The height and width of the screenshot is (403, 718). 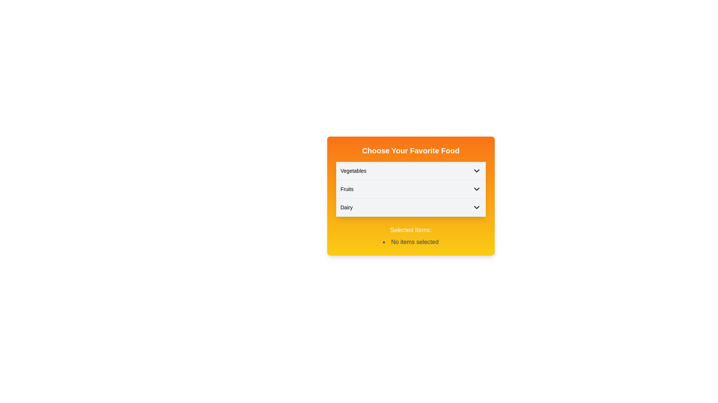 I want to click on the Chevron Down icon located on the far right side of the 'Vegetables' menu option, so click(x=476, y=171).